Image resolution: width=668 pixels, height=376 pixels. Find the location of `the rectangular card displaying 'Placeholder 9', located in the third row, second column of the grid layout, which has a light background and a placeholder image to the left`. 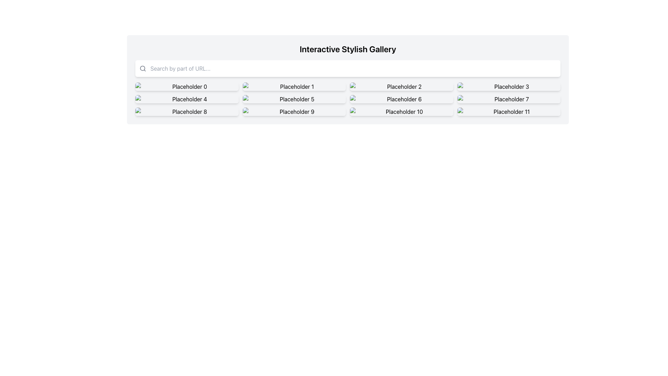

the rectangular card displaying 'Placeholder 9', located in the third row, second column of the grid layout, which has a light background and a placeholder image to the left is located at coordinates (294, 111).